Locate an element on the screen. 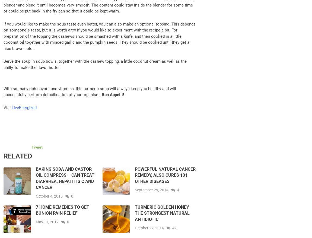 Image resolution: width=312 pixels, height=238 pixels. 'With so many rich flavors and vitamins, this turmeric soup will always keep you healthy and will successfully perform detoxification of your organism.' is located at coordinates (90, 91).